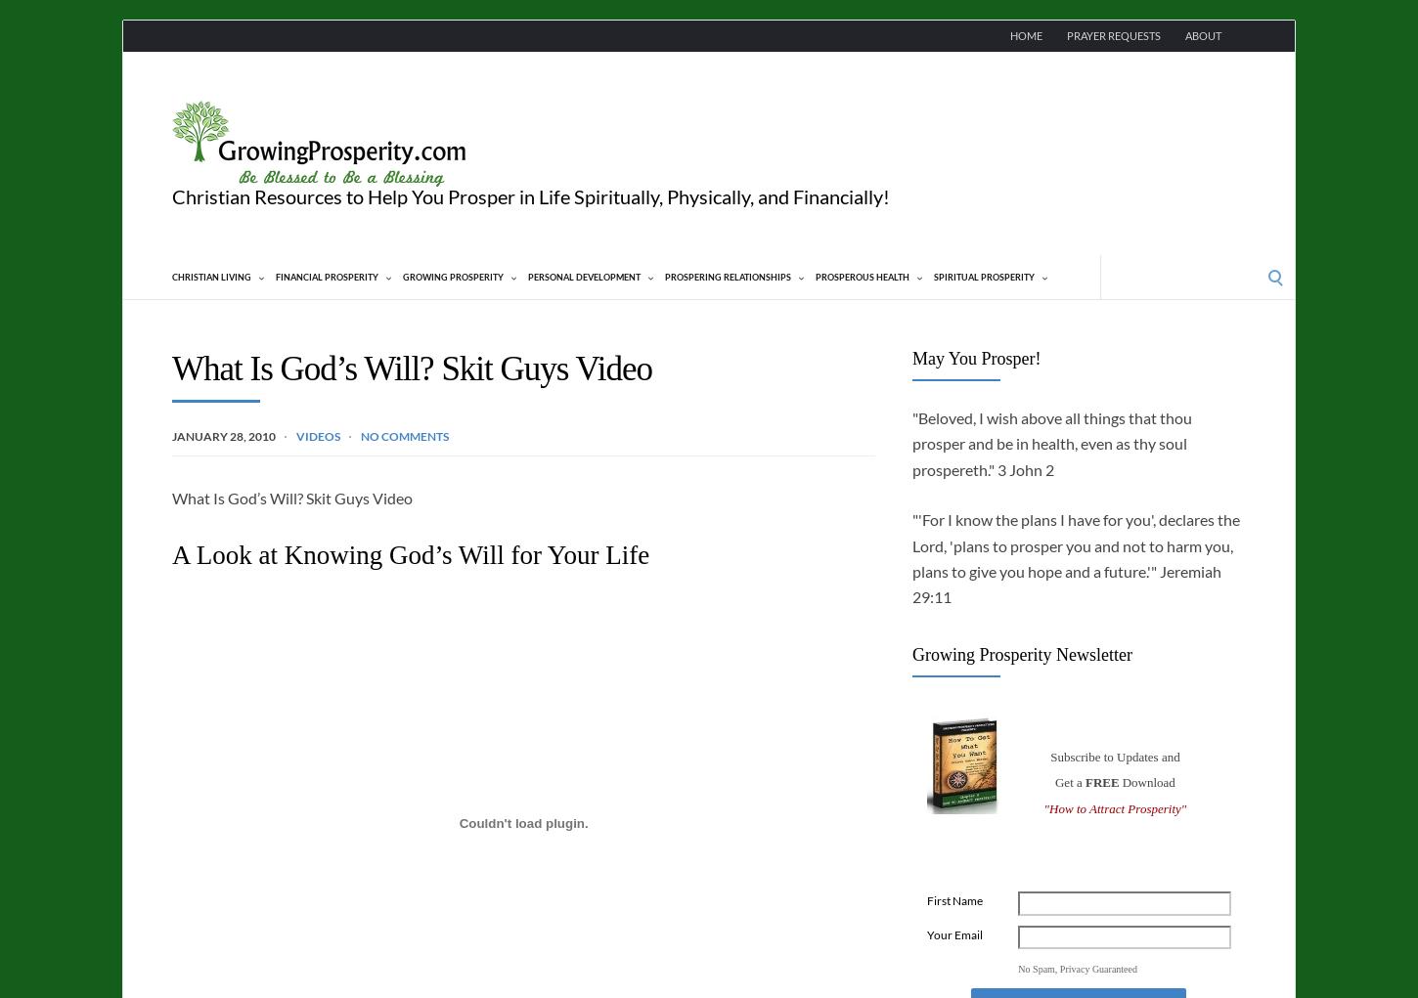  I want to click on 'Self-Growth', so click(588, 528).